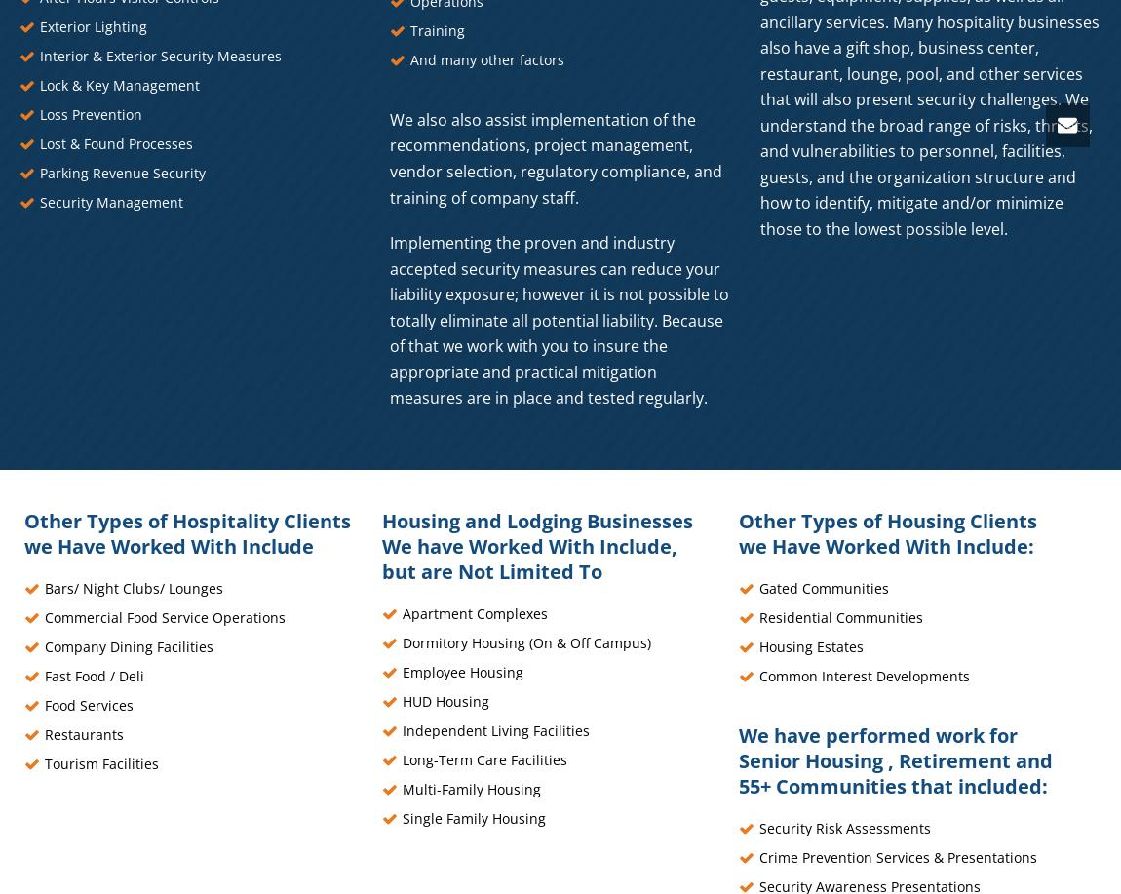 The width and height of the screenshot is (1121, 894). I want to click on 'Other Types of Hospitality Clients we Have Worked With Include', so click(186, 532).